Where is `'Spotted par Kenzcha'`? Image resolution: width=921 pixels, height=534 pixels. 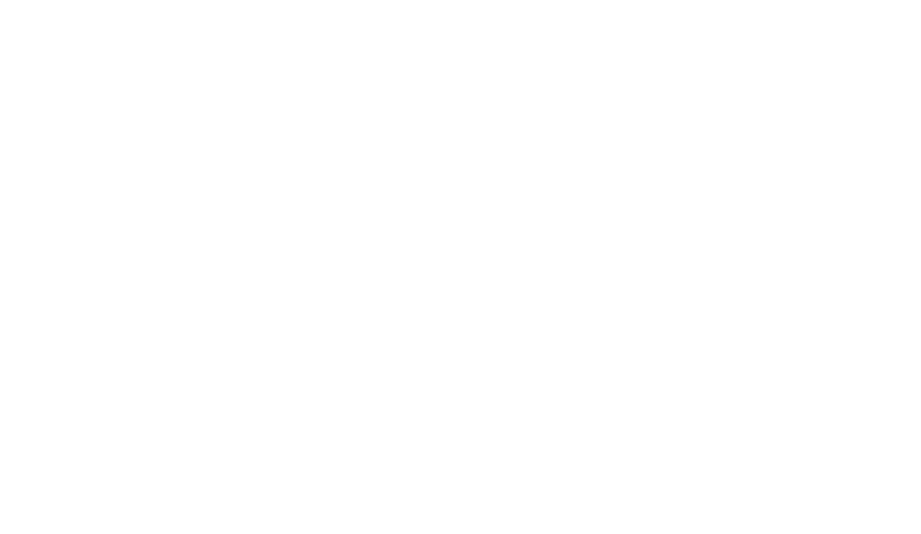 'Spotted par Kenzcha' is located at coordinates (221, 311).